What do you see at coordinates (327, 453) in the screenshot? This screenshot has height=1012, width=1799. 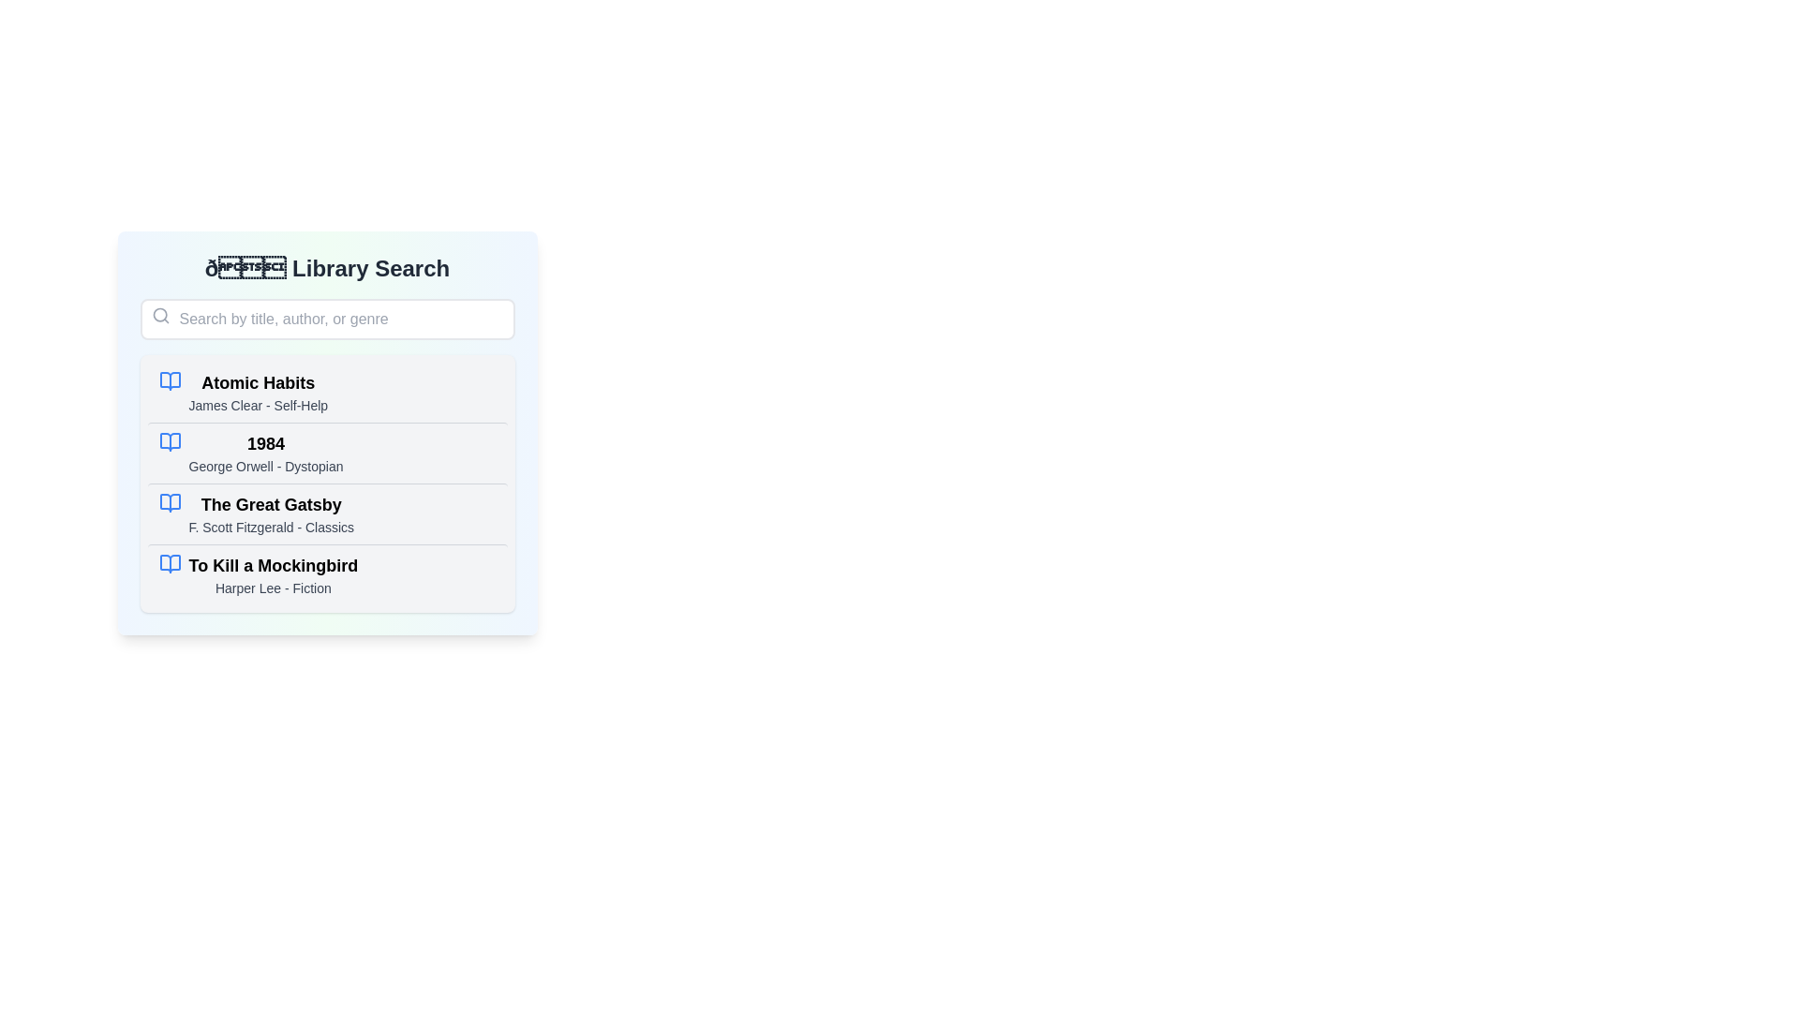 I see `the book listing for '1984', the second entry in the list` at bounding box center [327, 453].